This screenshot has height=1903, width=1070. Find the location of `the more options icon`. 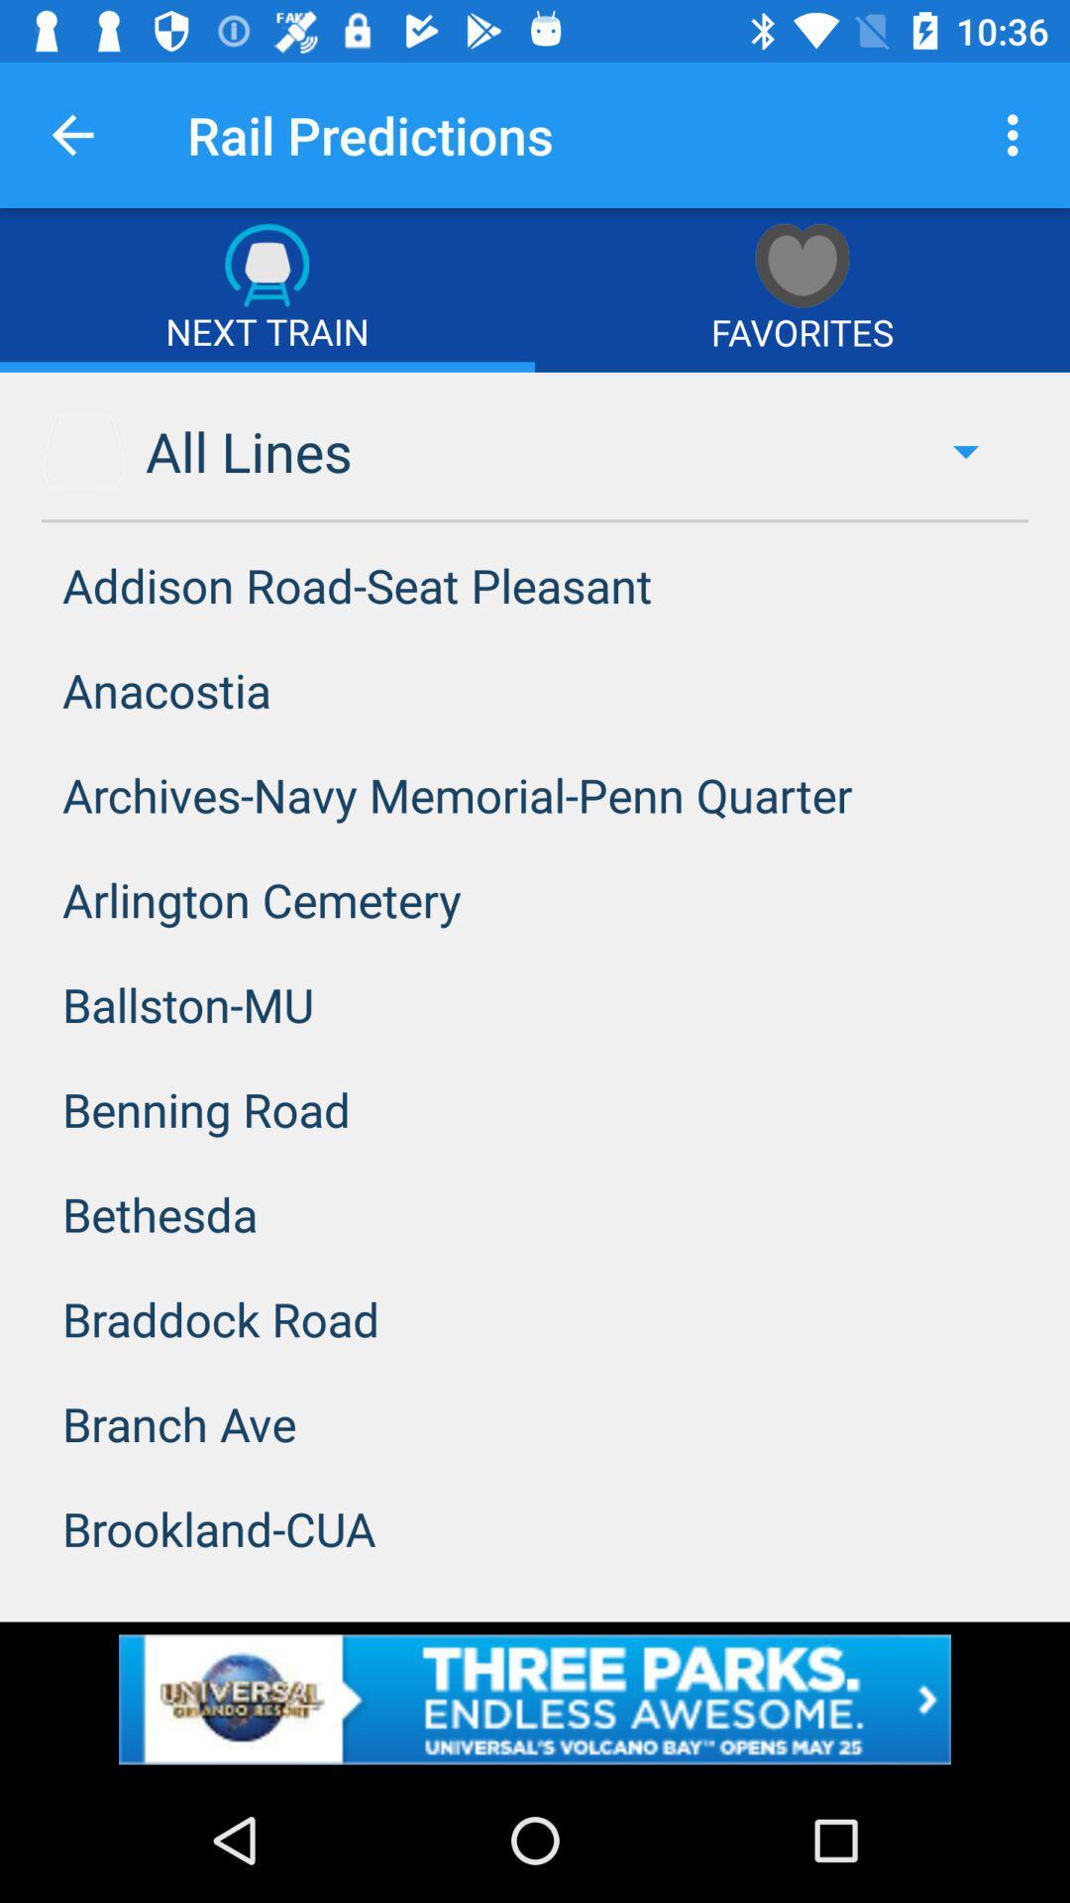

the more options icon is located at coordinates (1017, 135).